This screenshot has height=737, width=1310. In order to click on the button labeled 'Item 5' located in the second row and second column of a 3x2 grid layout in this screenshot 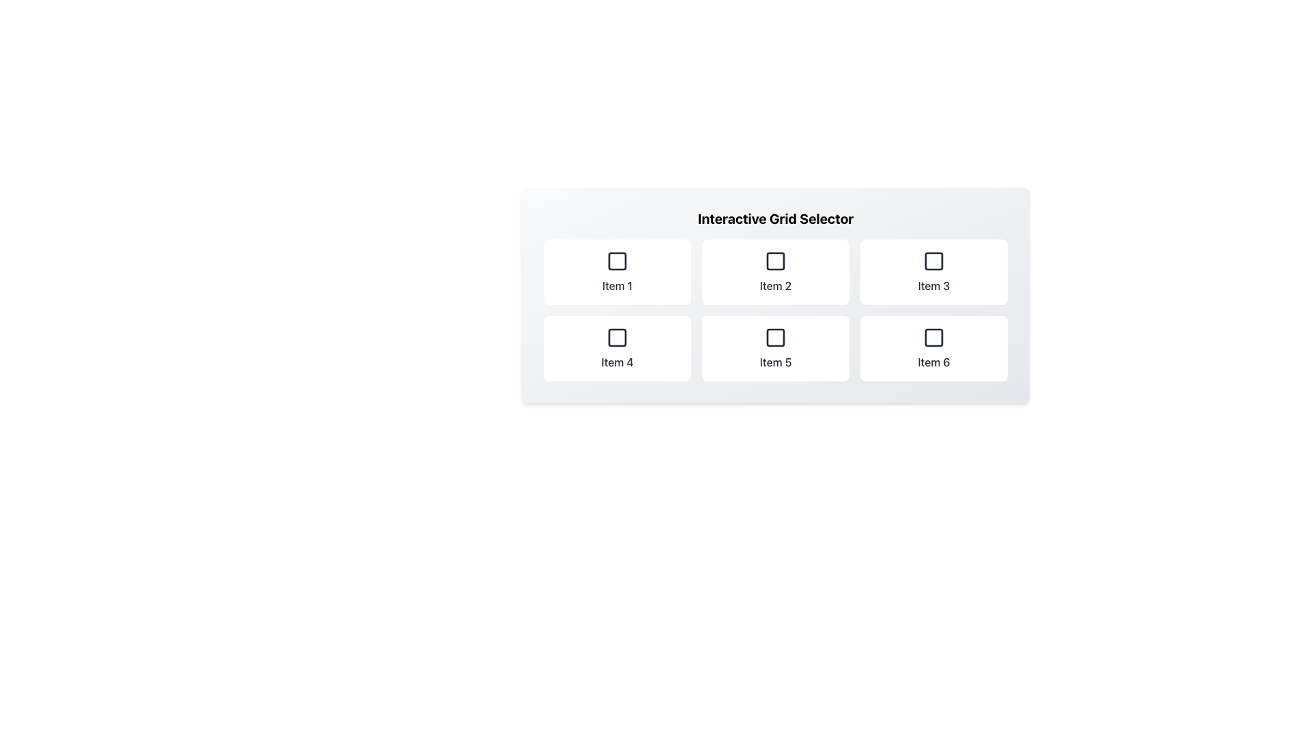, I will do `click(776, 347)`.